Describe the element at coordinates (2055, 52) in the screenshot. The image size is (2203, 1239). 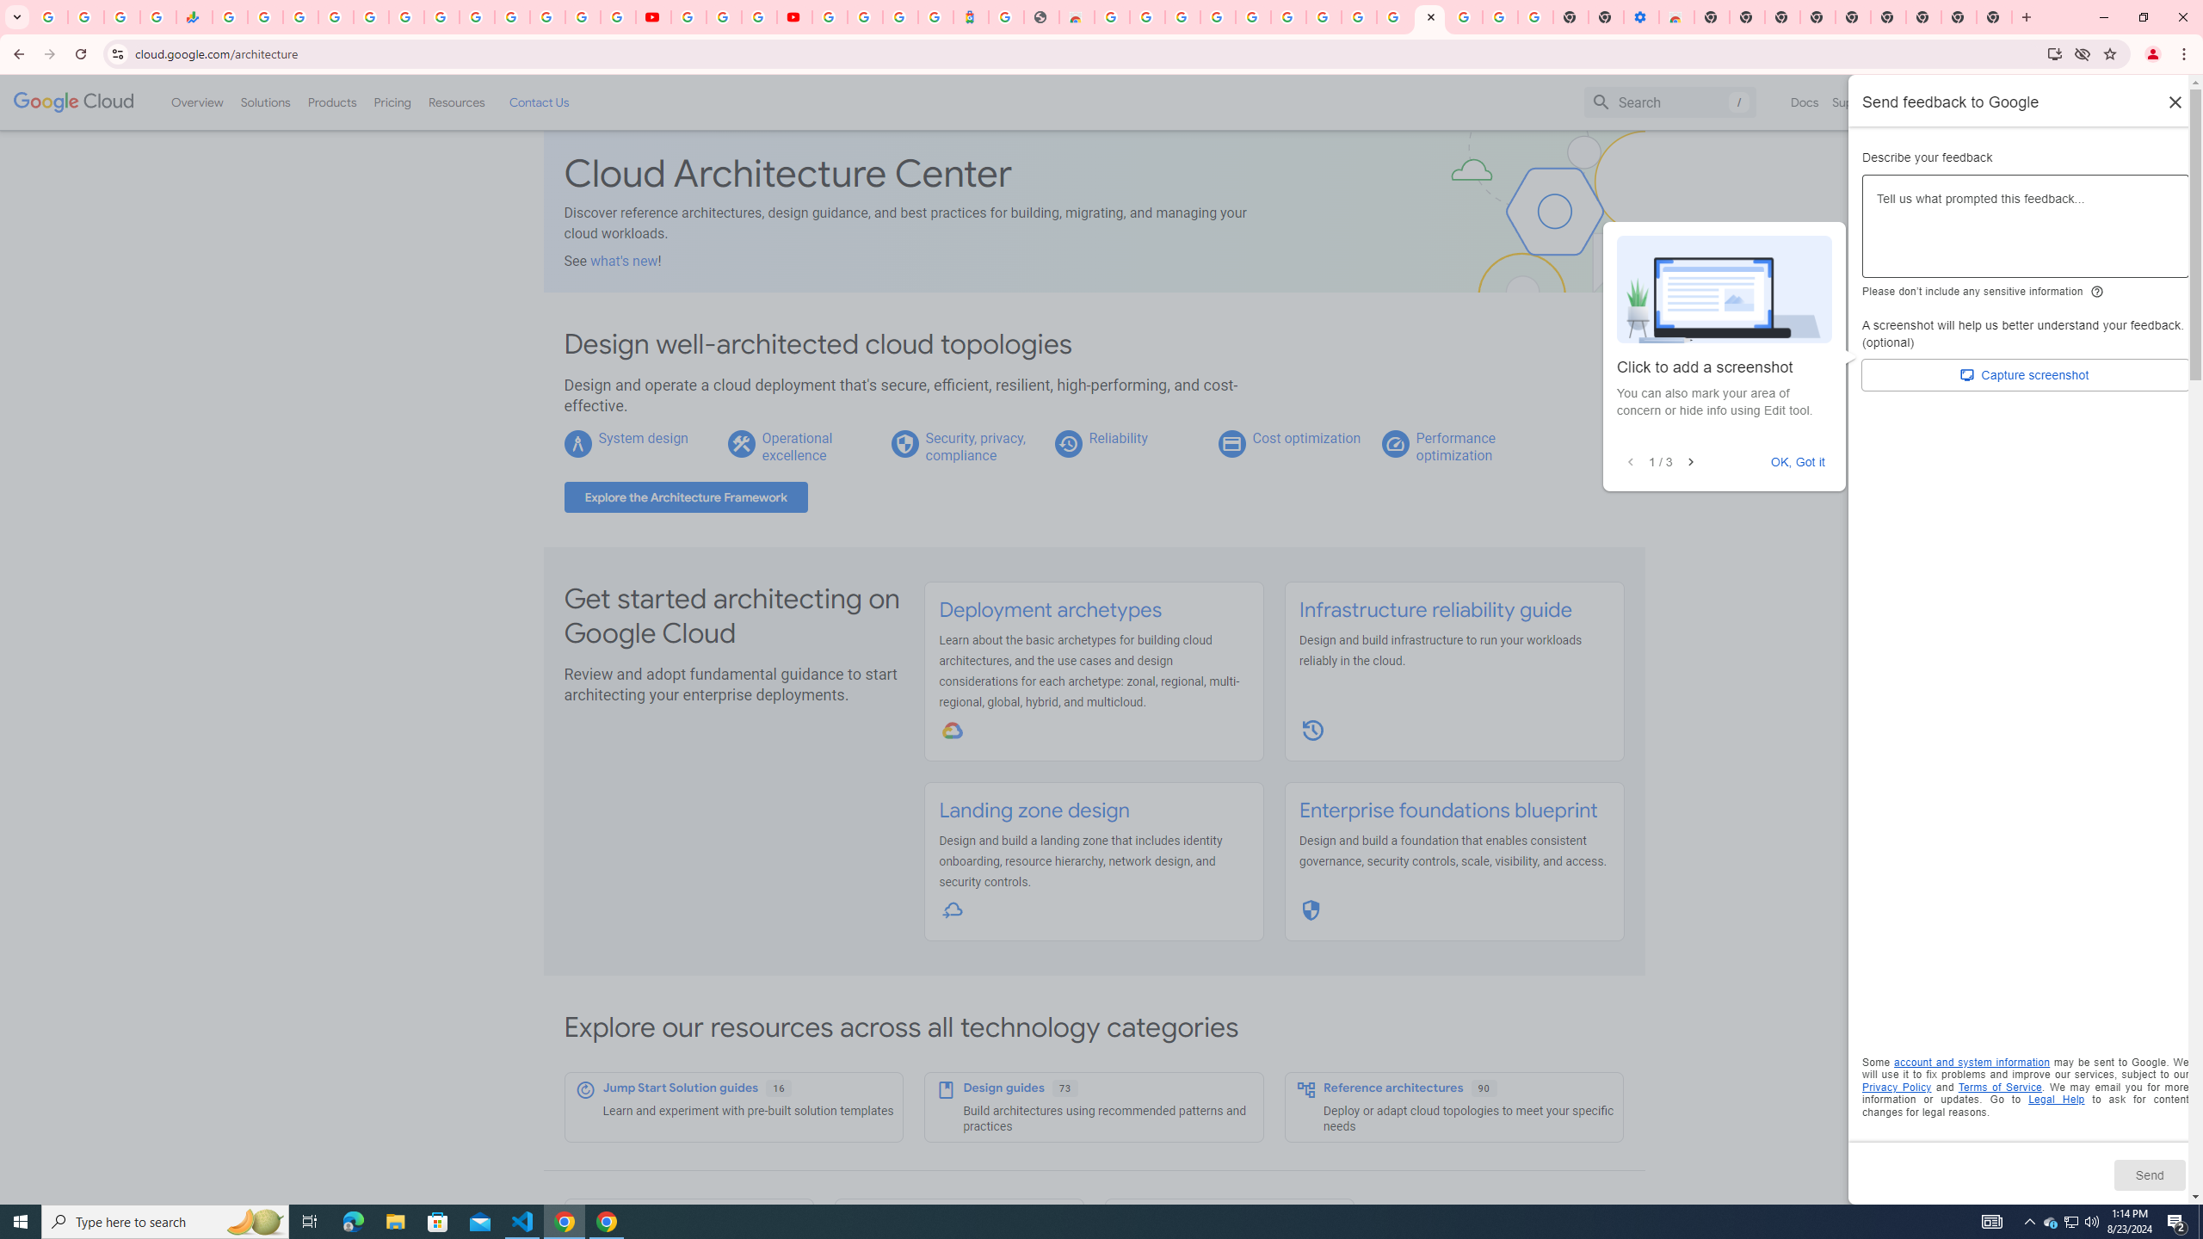
I see `'Install Google Cloud'` at that location.